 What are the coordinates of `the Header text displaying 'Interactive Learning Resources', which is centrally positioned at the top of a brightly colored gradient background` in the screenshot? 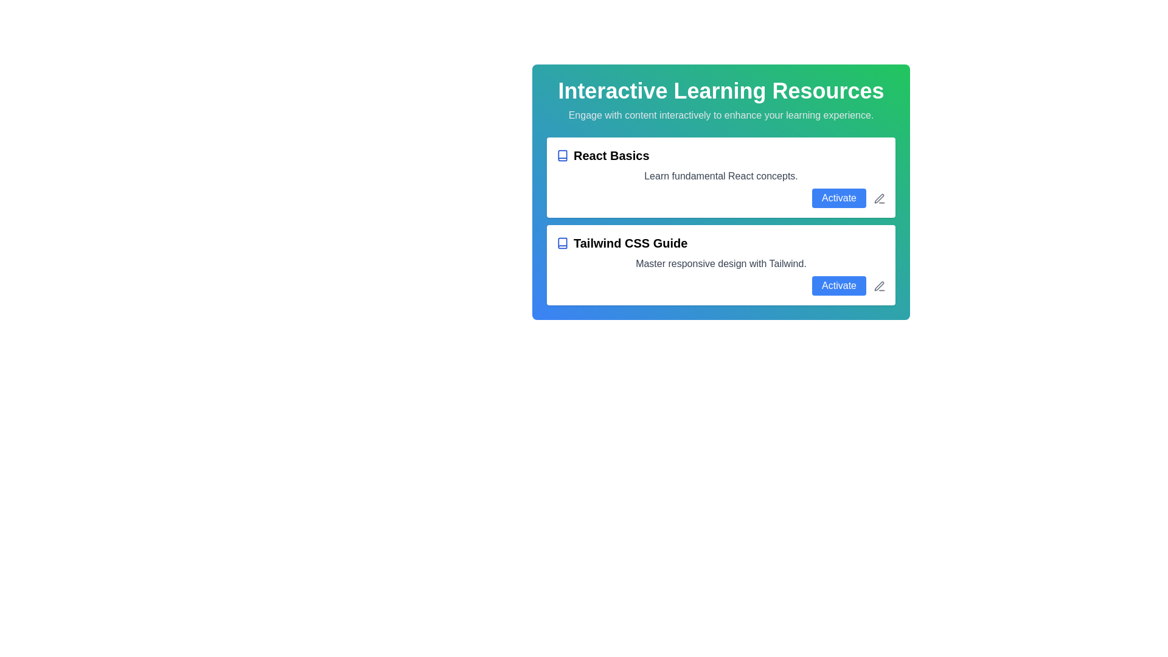 It's located at (721, 91).